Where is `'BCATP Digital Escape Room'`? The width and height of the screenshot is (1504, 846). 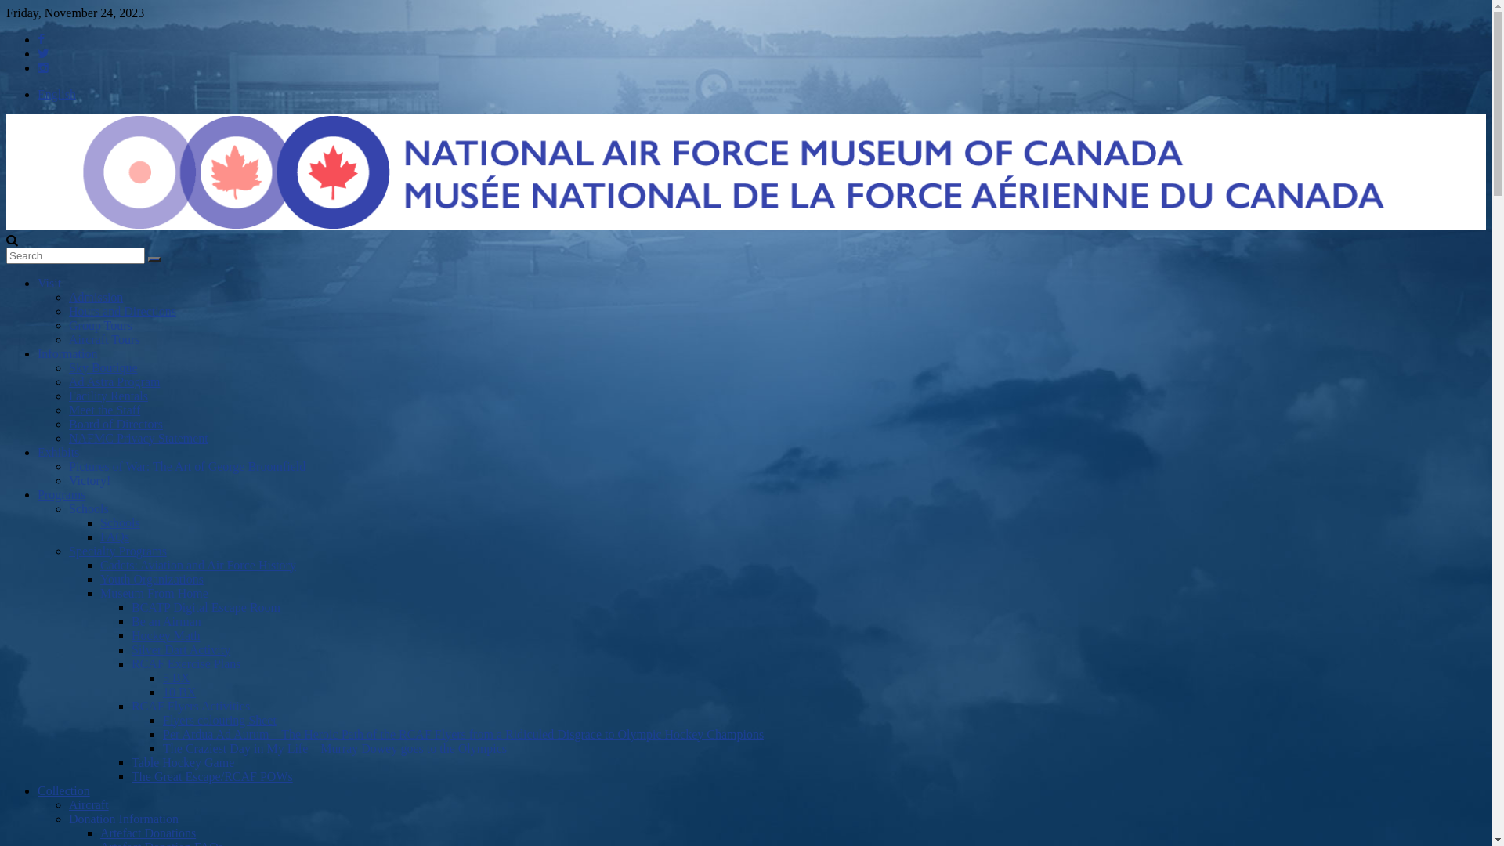 'BCATP Digital Escape Room' is located at coordinates (205, 606).